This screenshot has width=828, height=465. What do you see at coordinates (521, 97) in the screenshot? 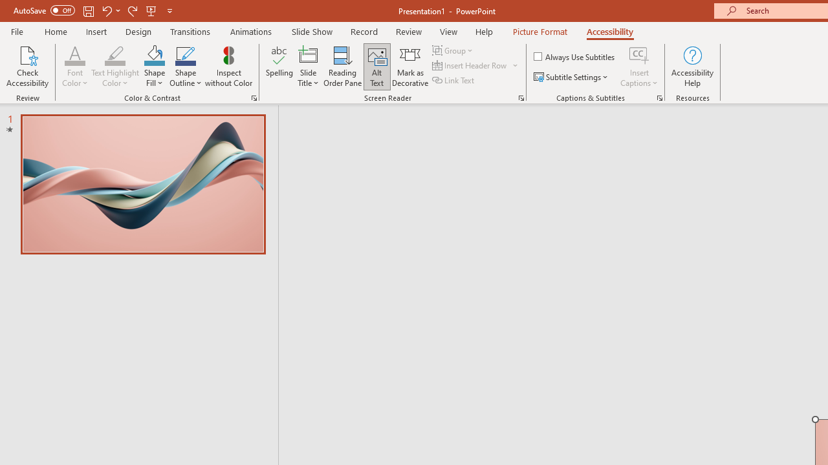
I see `'Screen Reader'` at bounding box center [521, 97].